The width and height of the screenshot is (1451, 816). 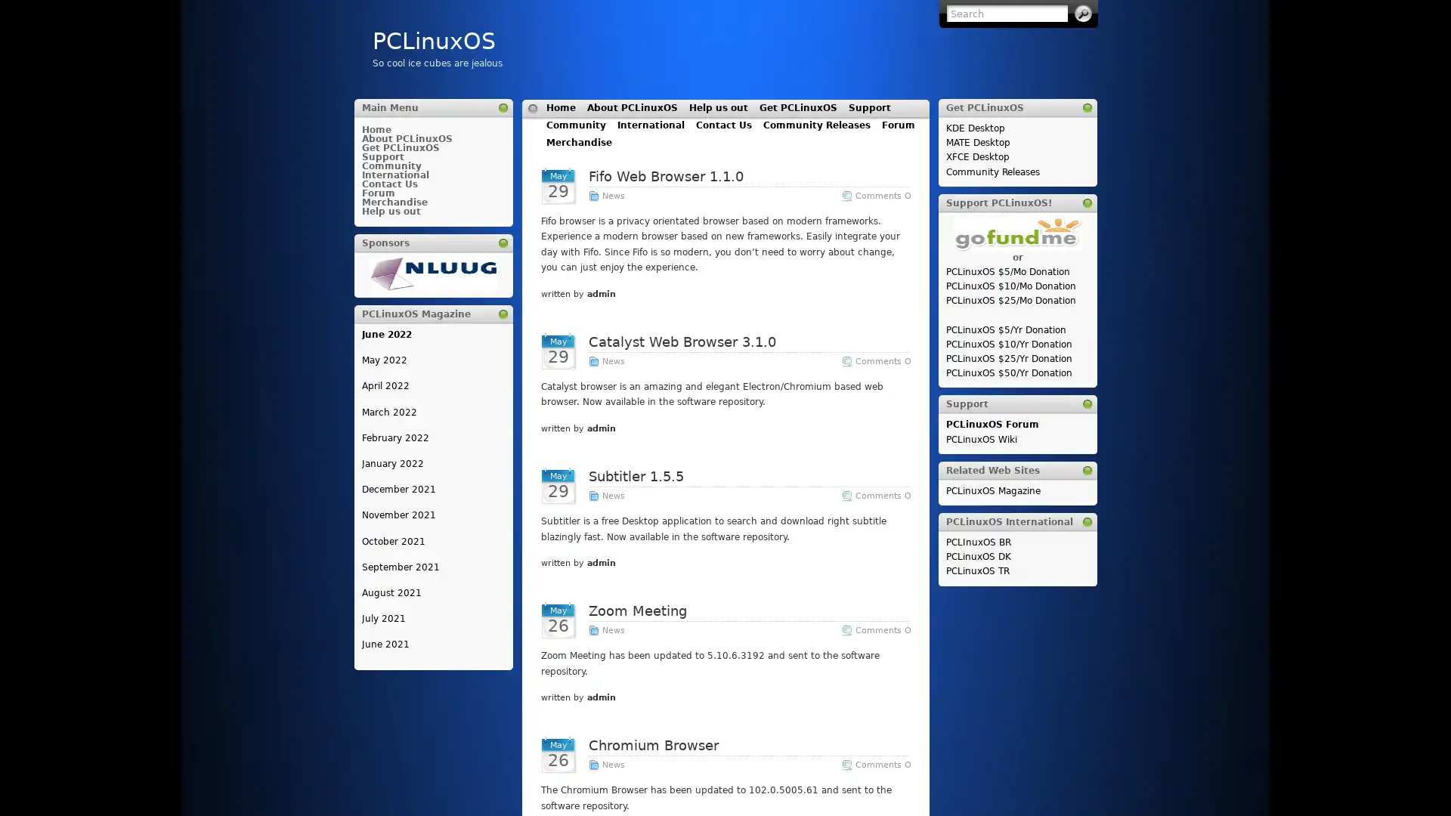 What do you see at coordinates (1082, 14) in the screenshot?
I see `Go` at bounding box center [1082, 14].